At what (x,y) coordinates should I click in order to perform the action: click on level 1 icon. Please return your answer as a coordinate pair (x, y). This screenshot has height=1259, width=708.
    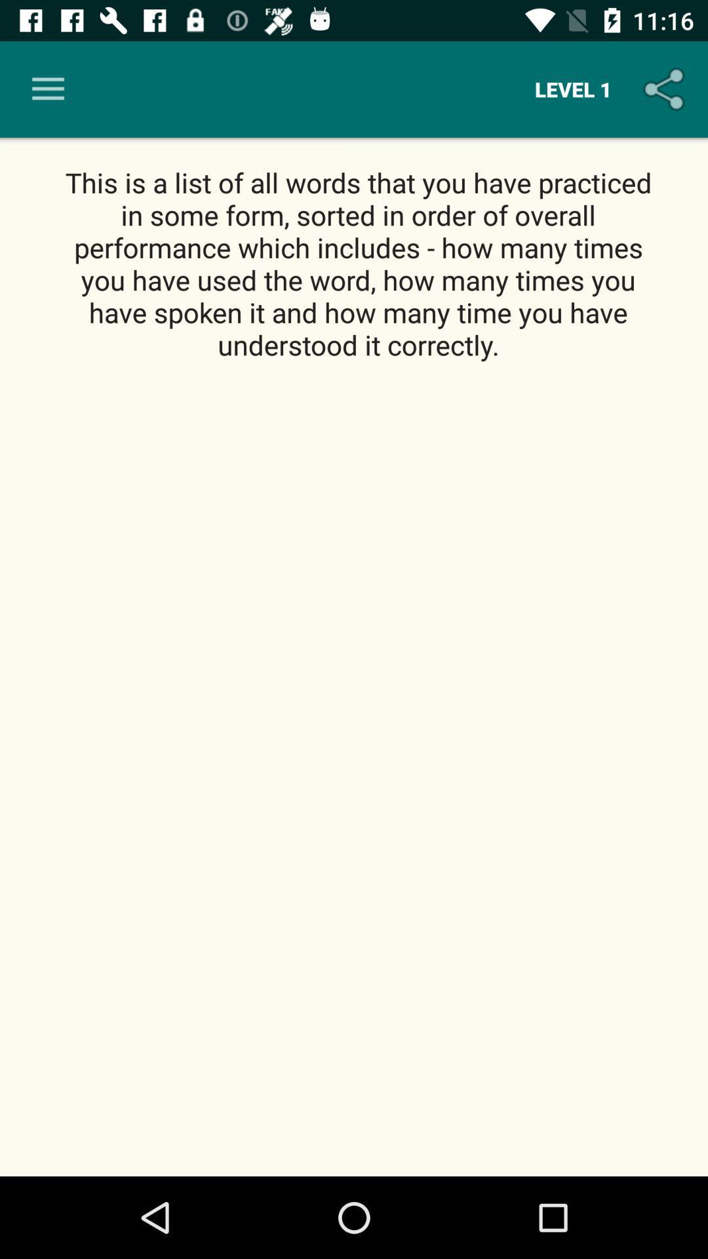
    Looking at the image, I should click on (572, 89).